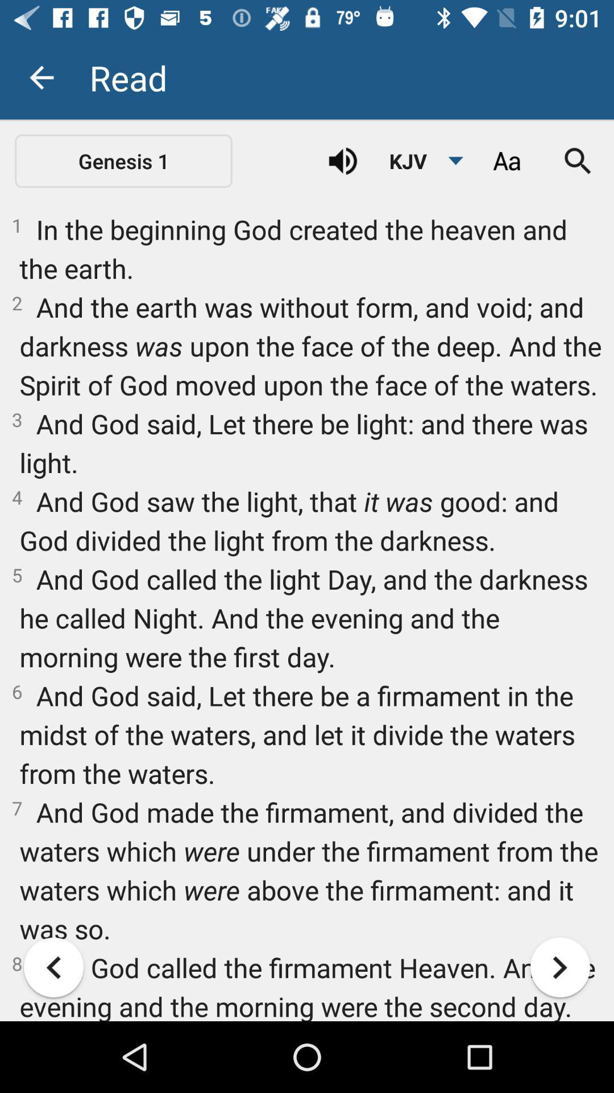 Image resolution: width=614 pixels, height=1093 pixels. What do you see at coordinates (53, 967) in the screenshot?
I see `the icon below the 6 and god item` at bounding box center [53, 967].